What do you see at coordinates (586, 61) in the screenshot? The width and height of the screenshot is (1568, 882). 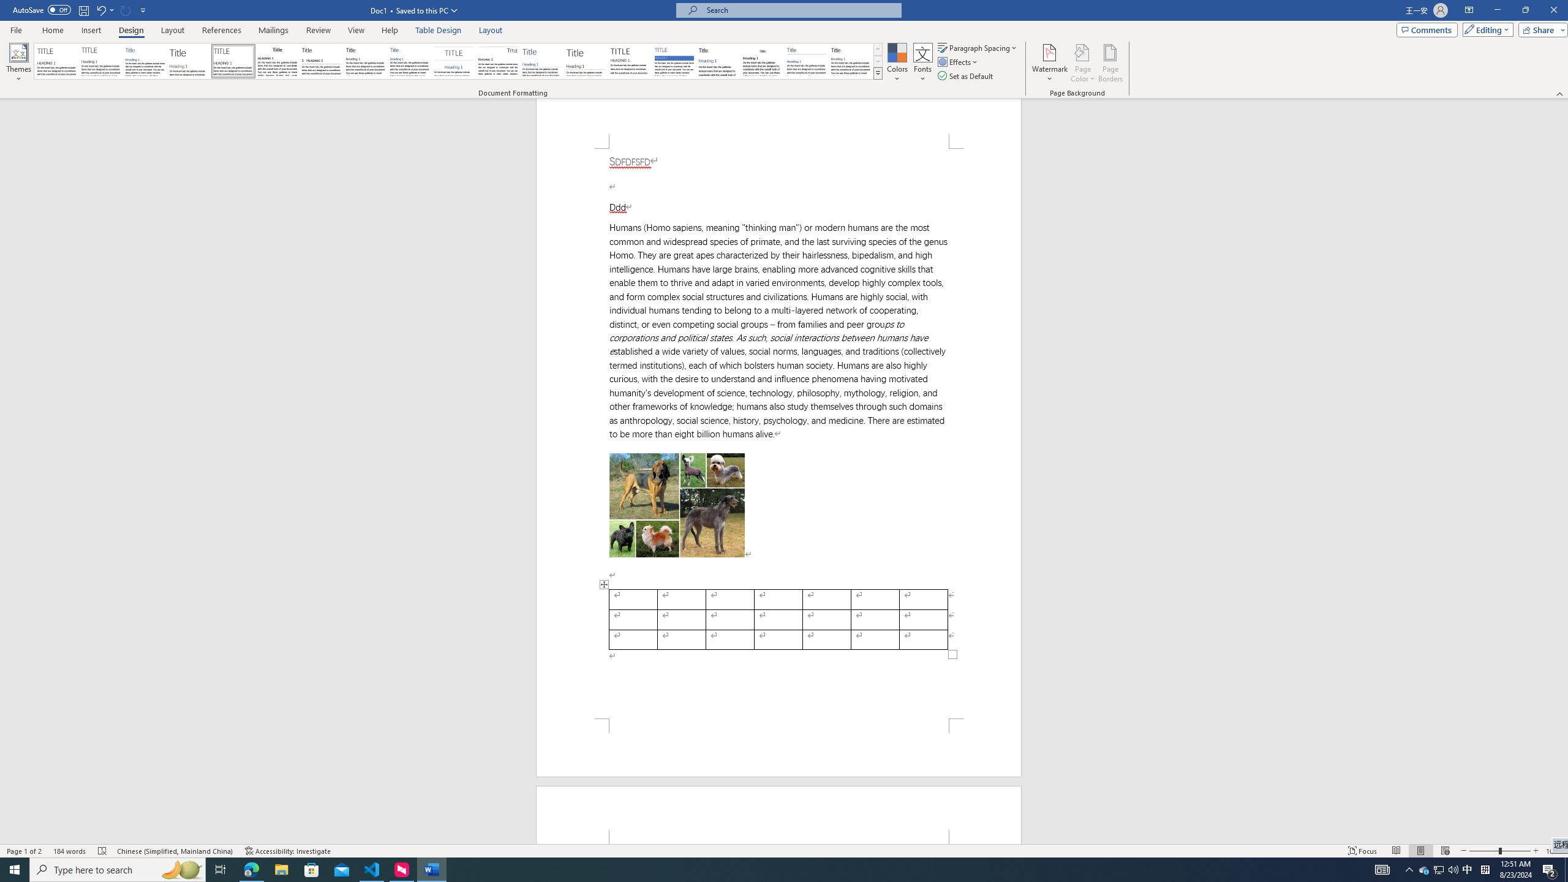 I see `'Lines (Stylish)'` at bounding box center [586, 61].